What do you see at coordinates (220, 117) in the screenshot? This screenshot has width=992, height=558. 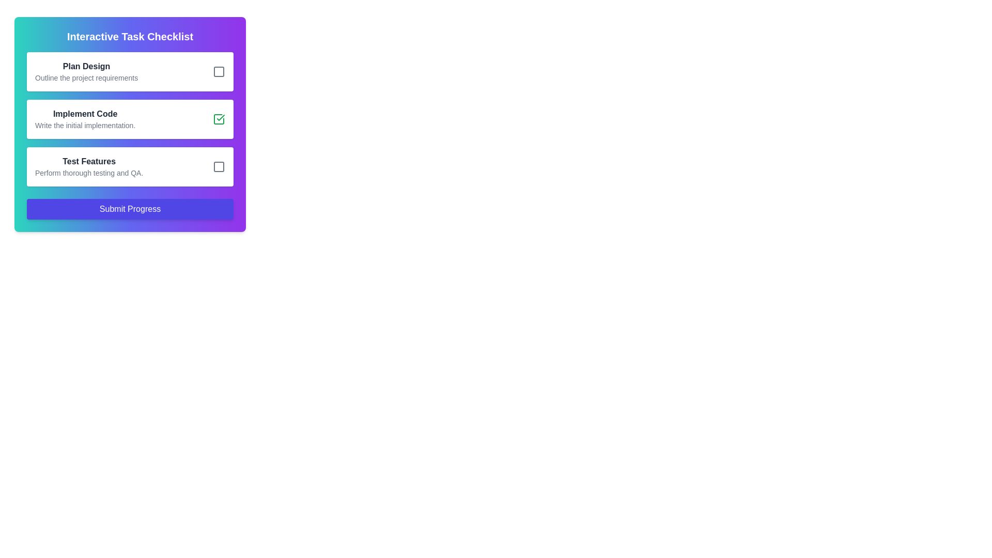 I see `the green check mark icon located within the second item of the 'Interactive Task Checklist', corresponding to the 'Implement Code' step` at bounding box center [220, 117].